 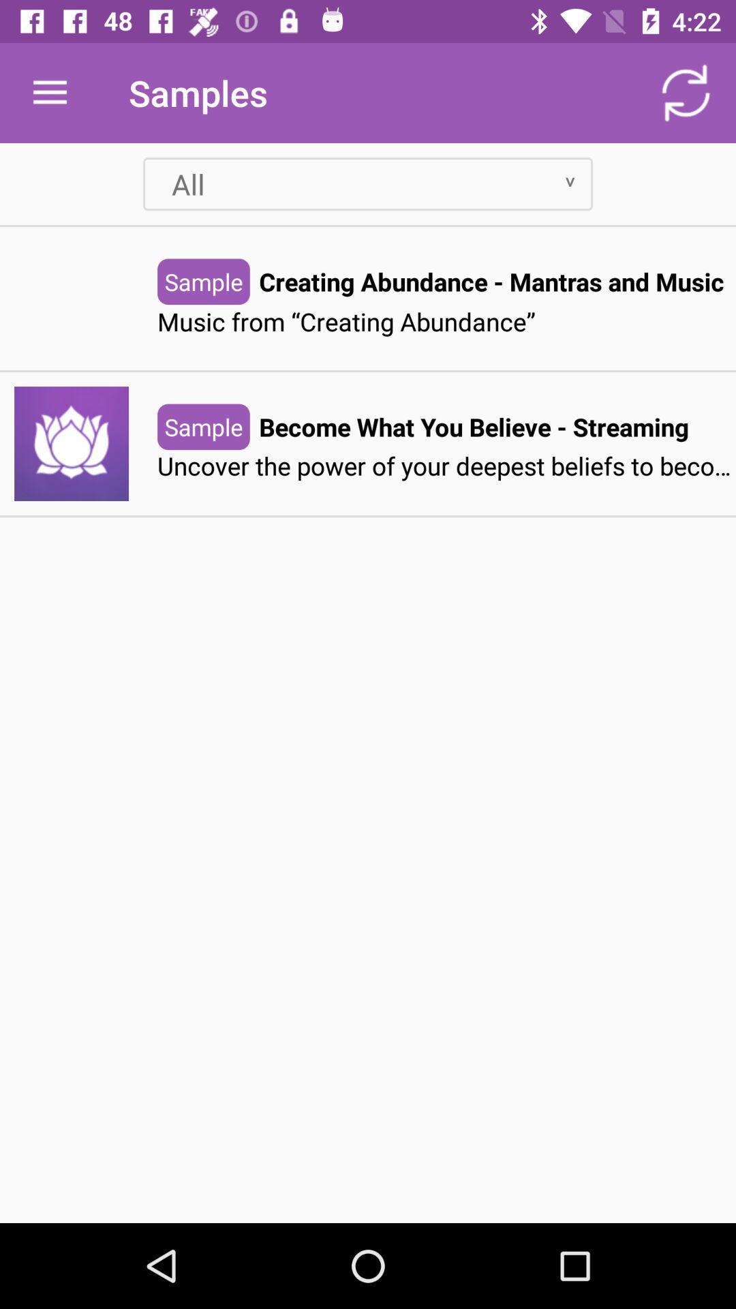 I want to click on the become what you item, so click(x=473, y=426).